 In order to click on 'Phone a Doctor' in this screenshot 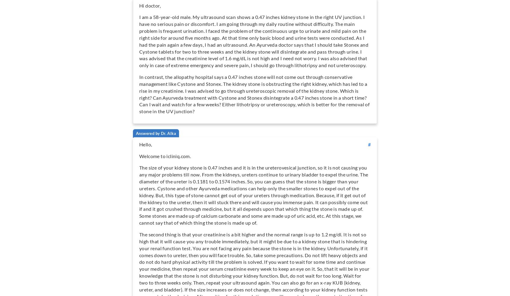, I will do `click(87, 39)`.